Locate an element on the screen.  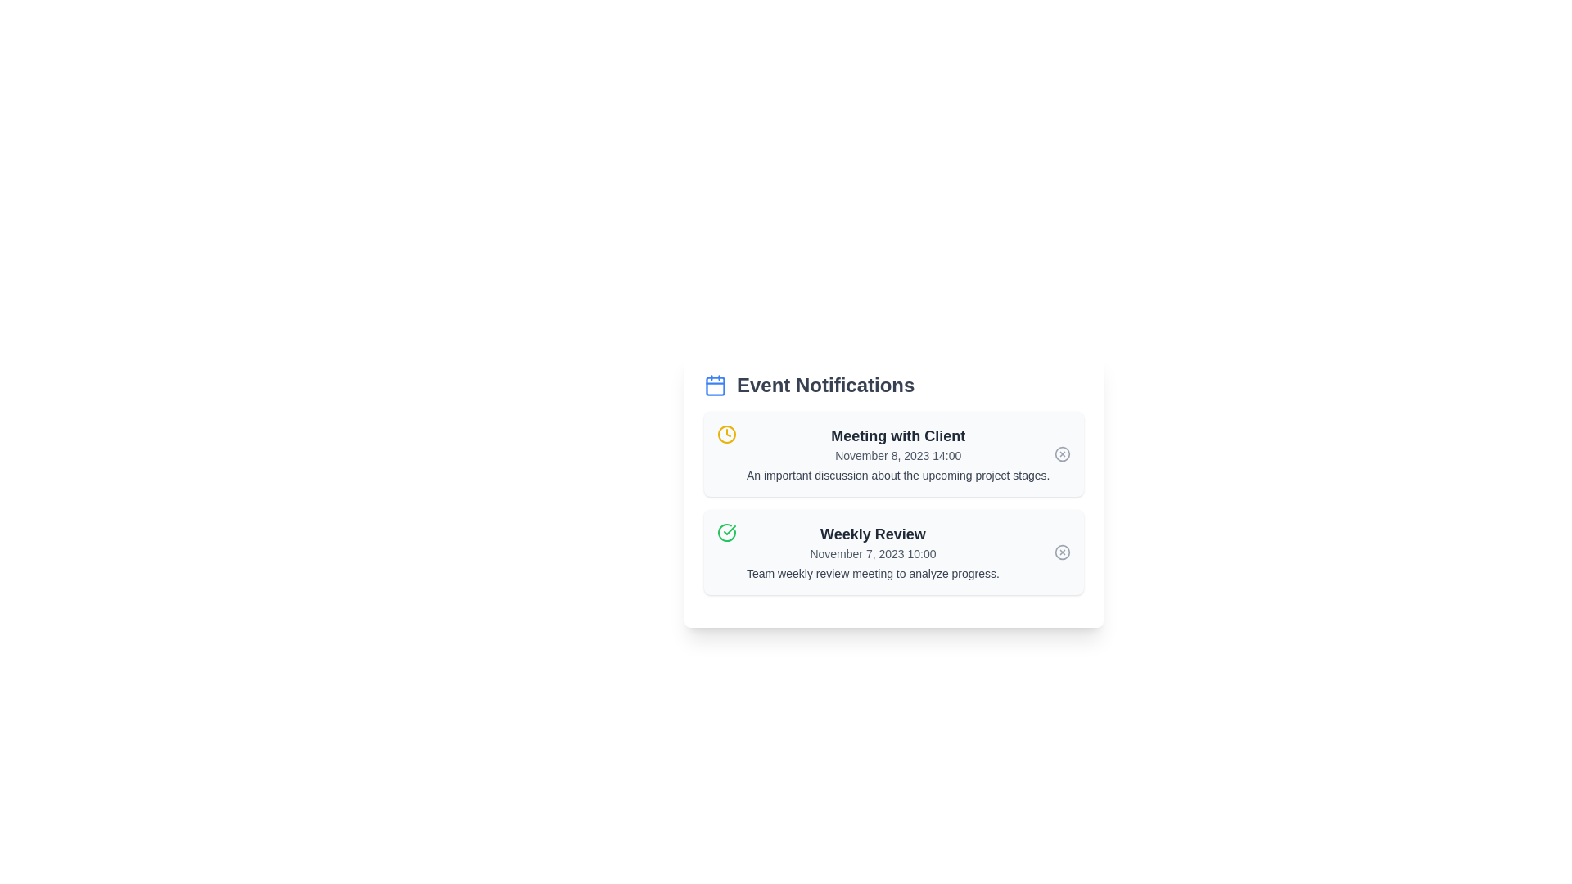
the notification titled 'Meeting with Client' to read its details is located at coordinates (892, 454).